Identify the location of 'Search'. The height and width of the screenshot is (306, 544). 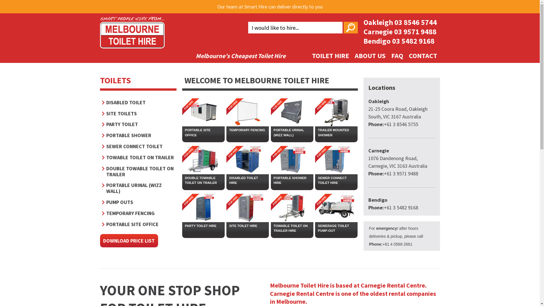
(350, 27).